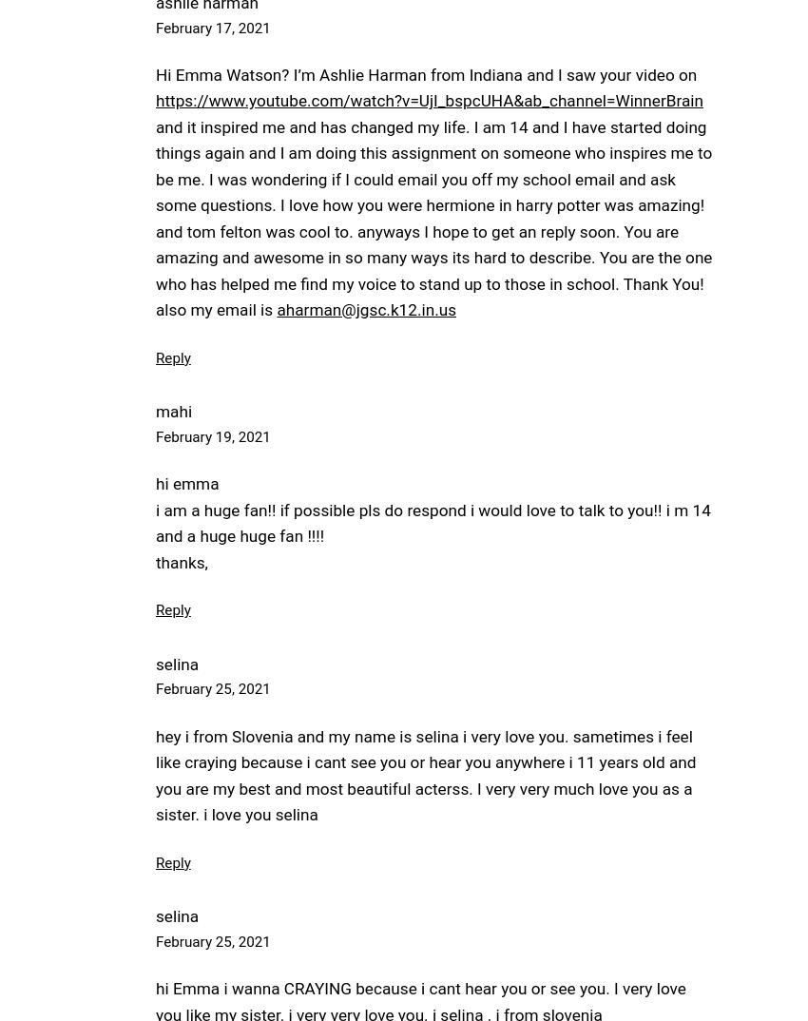 Image resolution: width=808 pixels, height=1021 pixels. What do you see at coordinates (366, 308) in the screenshot?
I see `'aharman@jgsc.k12.in.us'` at bounding box center [366, 308].